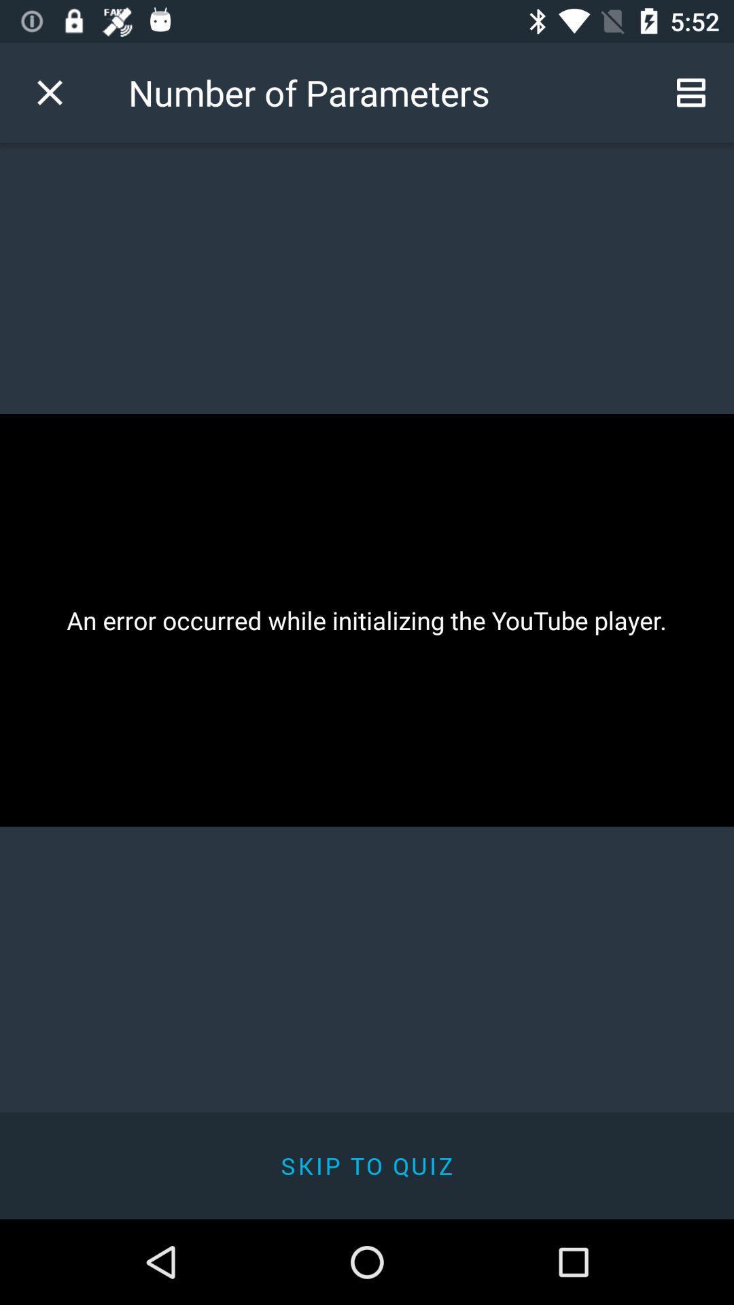 Image resolution: width=734 pixels, height=1305 pixels. I want to click on skip to quiz, so click(367, 1165).